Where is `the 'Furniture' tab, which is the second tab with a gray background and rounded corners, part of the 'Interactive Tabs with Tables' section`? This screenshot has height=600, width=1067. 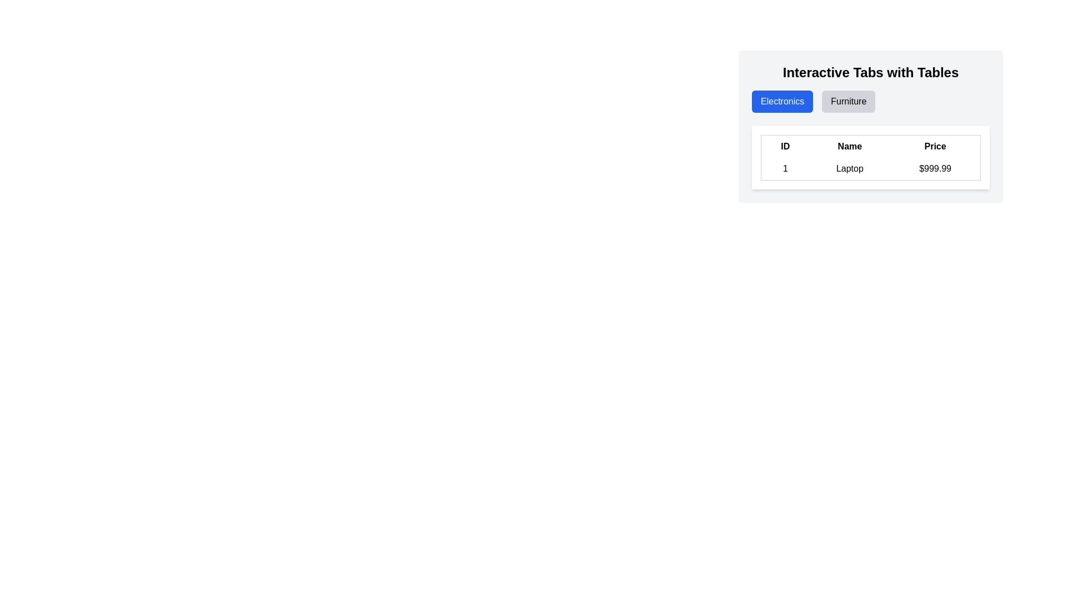 the 'Furniture' tab, which is the second tab with a gray background and rounded corners, part of the 'Interactive Tabs with Tables' section is located at coordinates (848, 101).